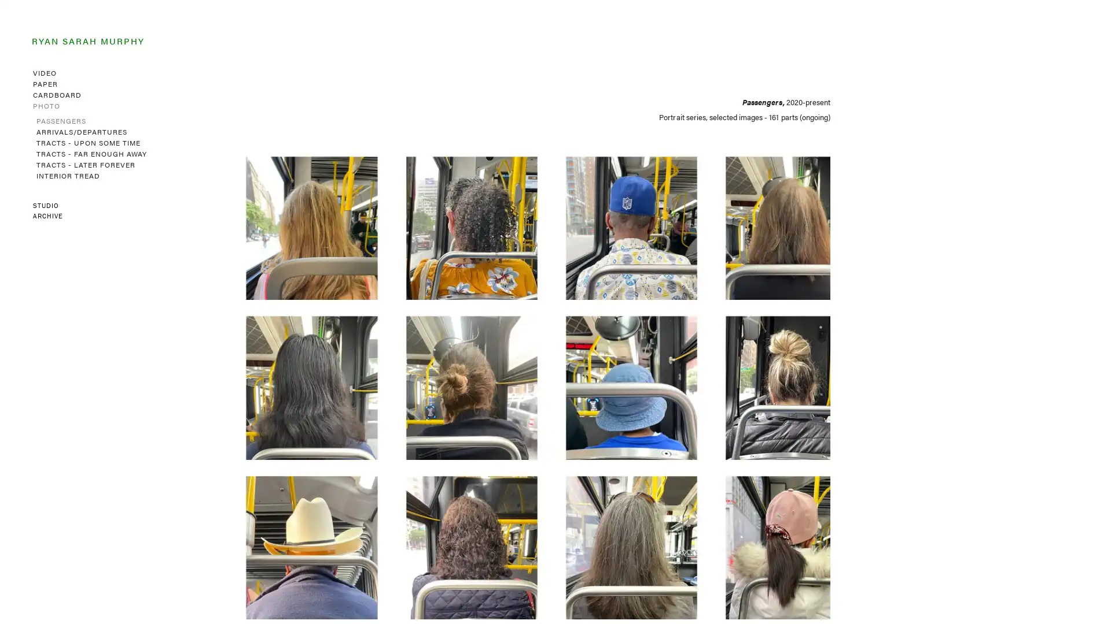 The image size is (1111, 624). What do you see at coordinates (278, 372) in the screenshot?
I see `View fullsize Passenger 157-.jpeg` at bounding box center [278, 372].